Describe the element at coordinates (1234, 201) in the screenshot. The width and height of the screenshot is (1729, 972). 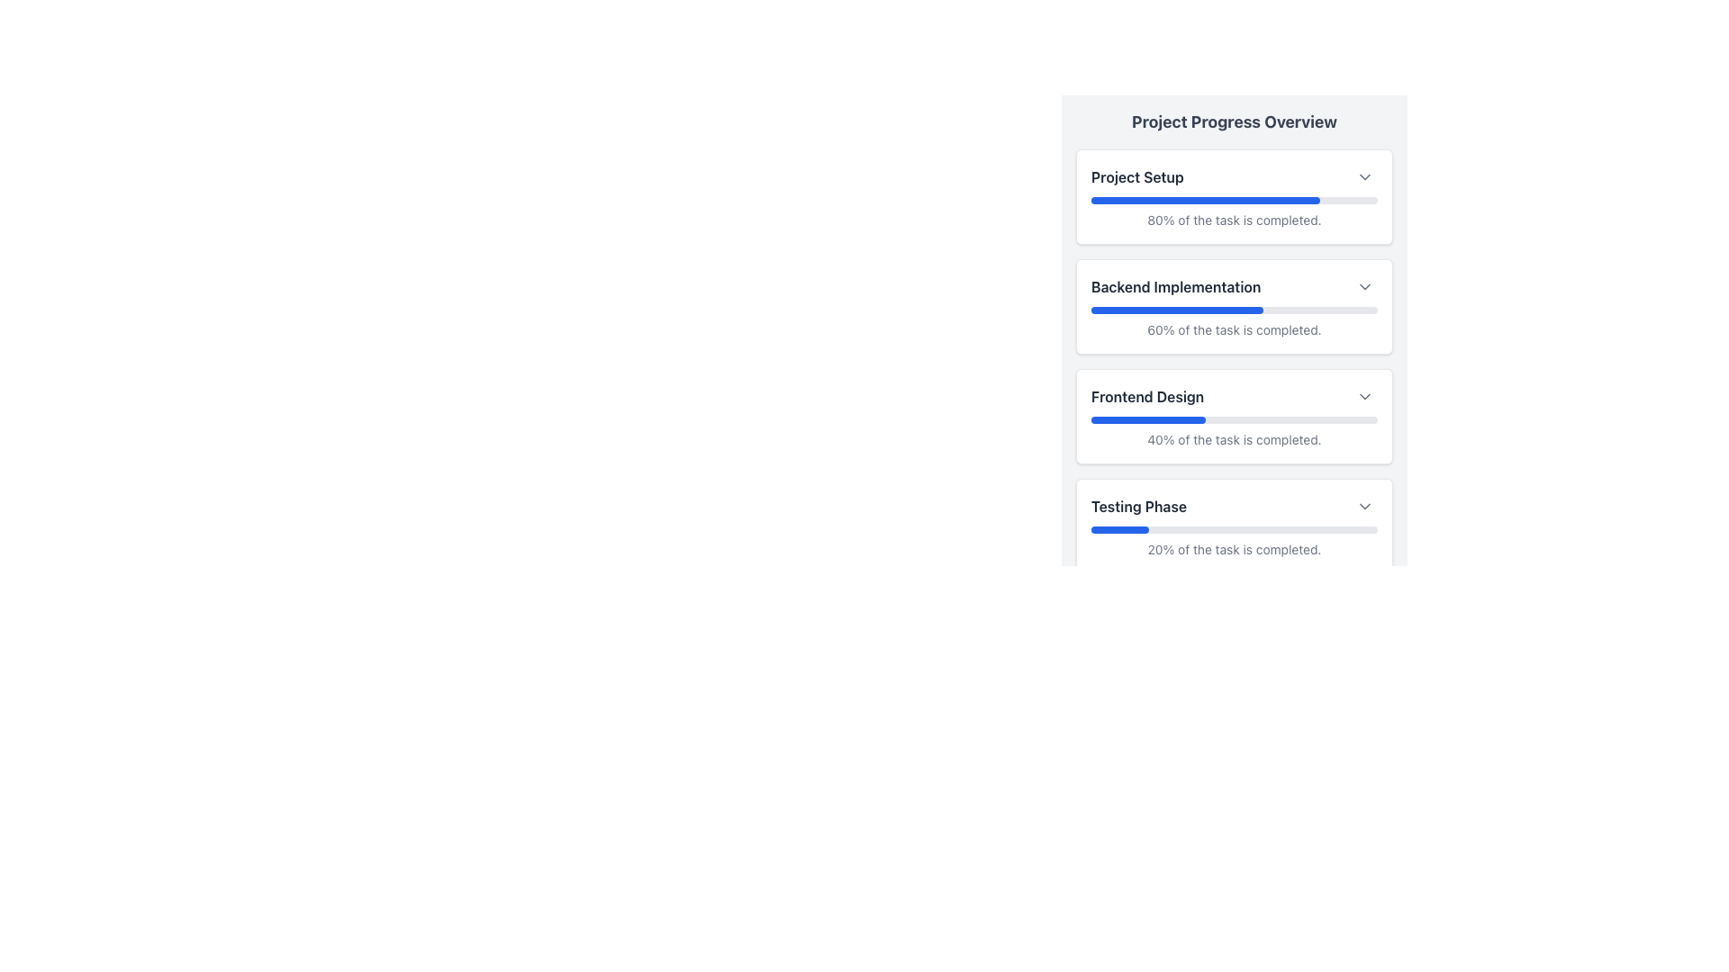
I see `the horizontal progress bar in the 'Project Setup' section of the 'Project Progress Overview', which is styled with a gray background and a blue filled portion indicating 80% completion` at that location.